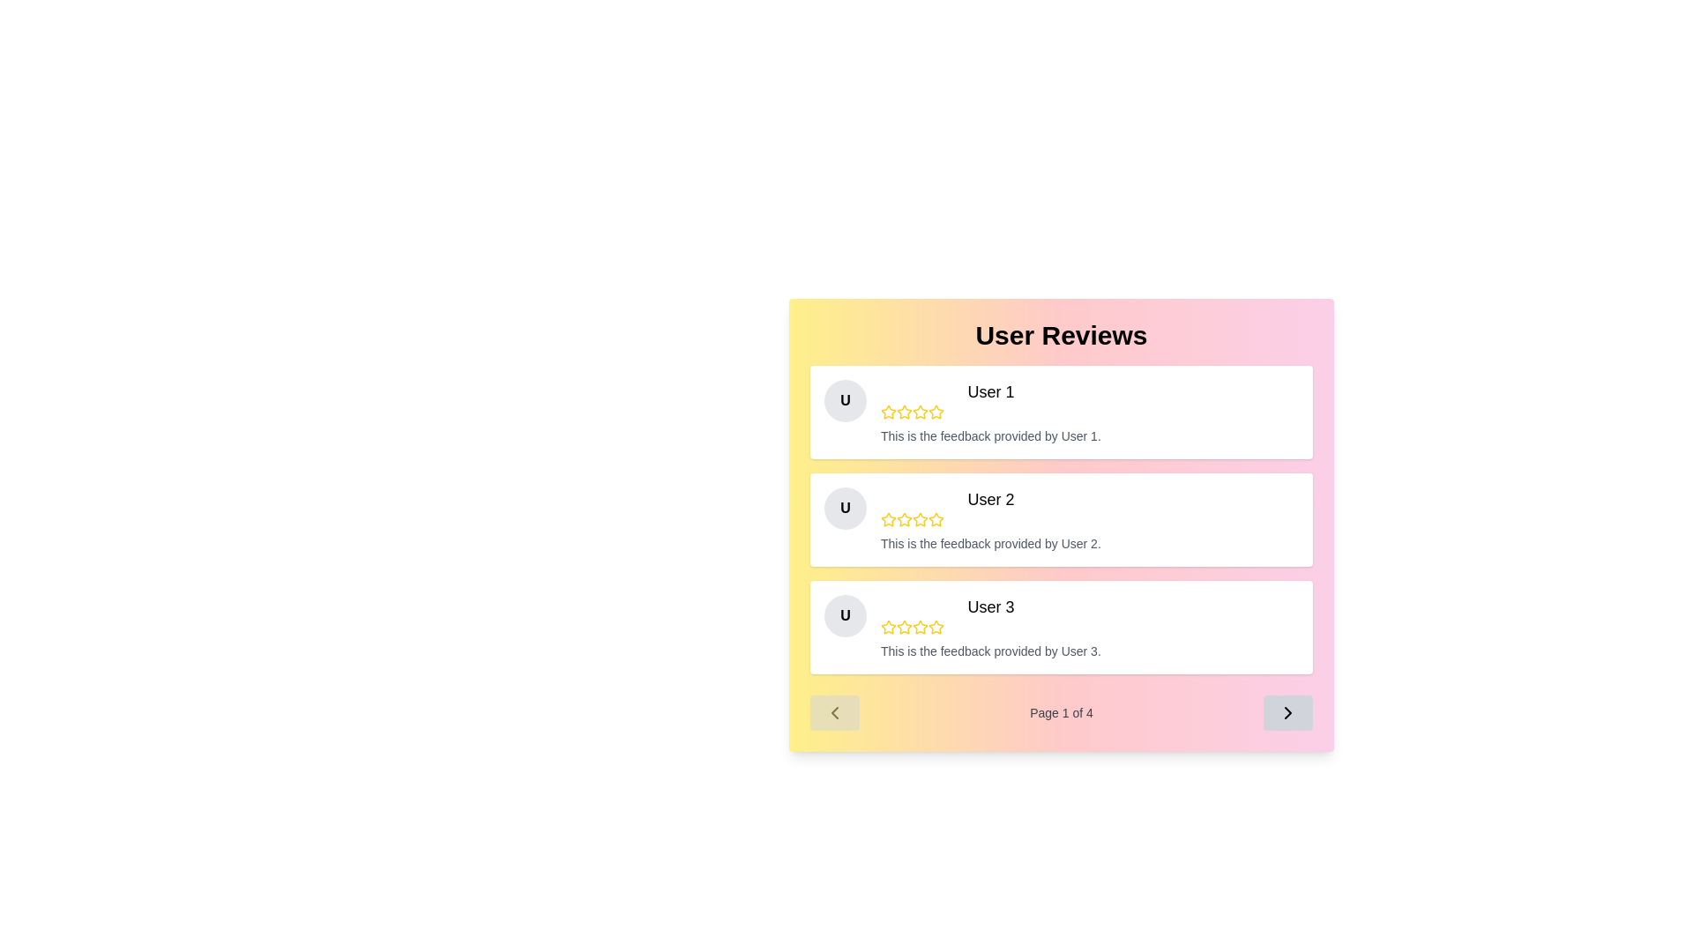 The height and width of the screenshot is (952, 1693). What do you see at coordinates (990, 543) in the screenshot?
I see `text label displaying 'This is the feedback provided by User 2.' positioned below User 2's name and rating stars in the second feedback card` at bounding box center [990, 543].